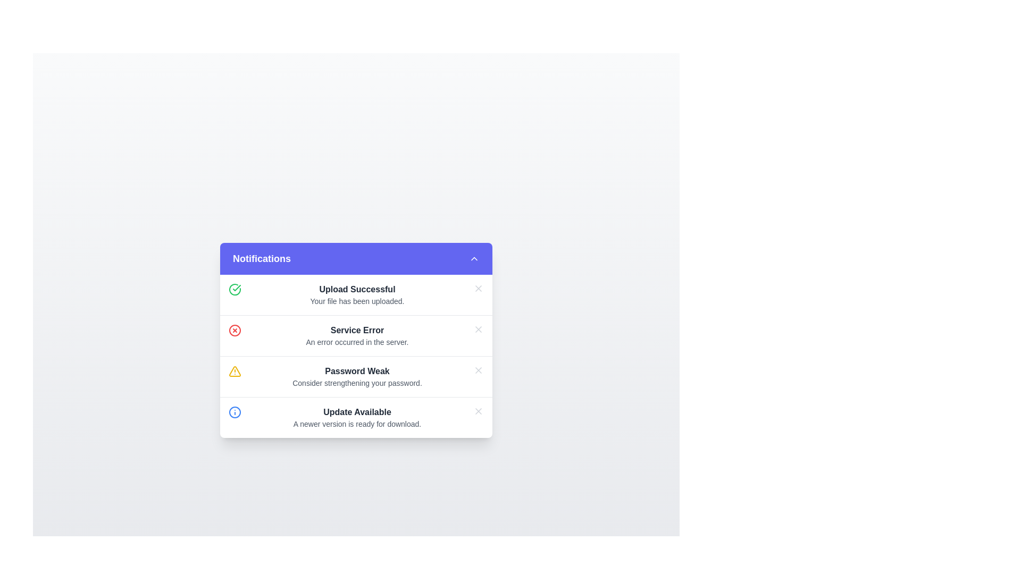 The height and width of the screenshot is (574, 1021). I want to click on the chevron-shaped button with a white icon on a blue background in the header of the notification panel, so click(474, 258).